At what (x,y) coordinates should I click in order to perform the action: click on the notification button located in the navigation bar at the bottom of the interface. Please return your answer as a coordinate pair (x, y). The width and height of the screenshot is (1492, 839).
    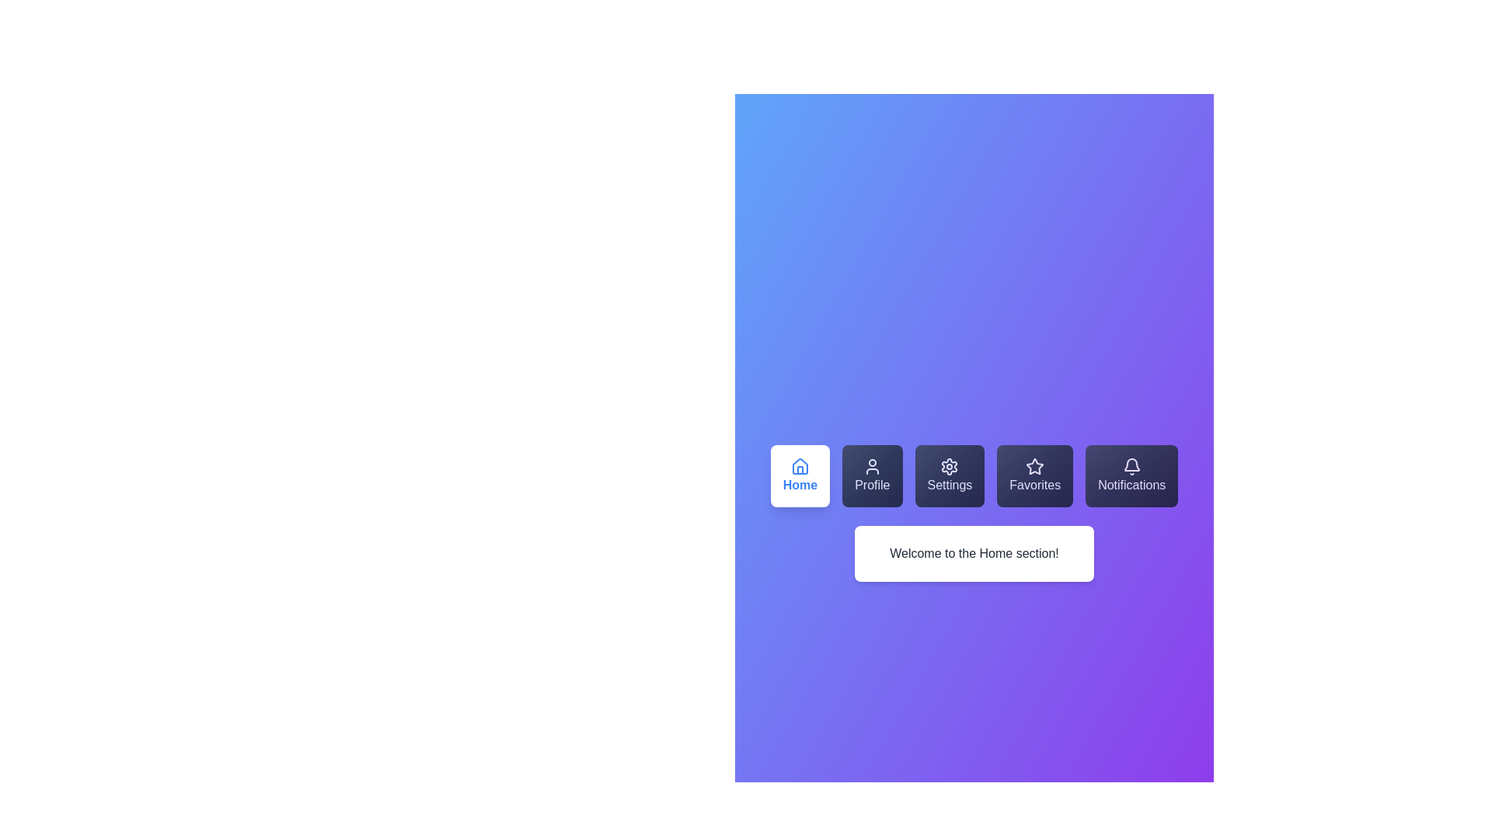
    Looking at the image, I should click on (1131, 463).